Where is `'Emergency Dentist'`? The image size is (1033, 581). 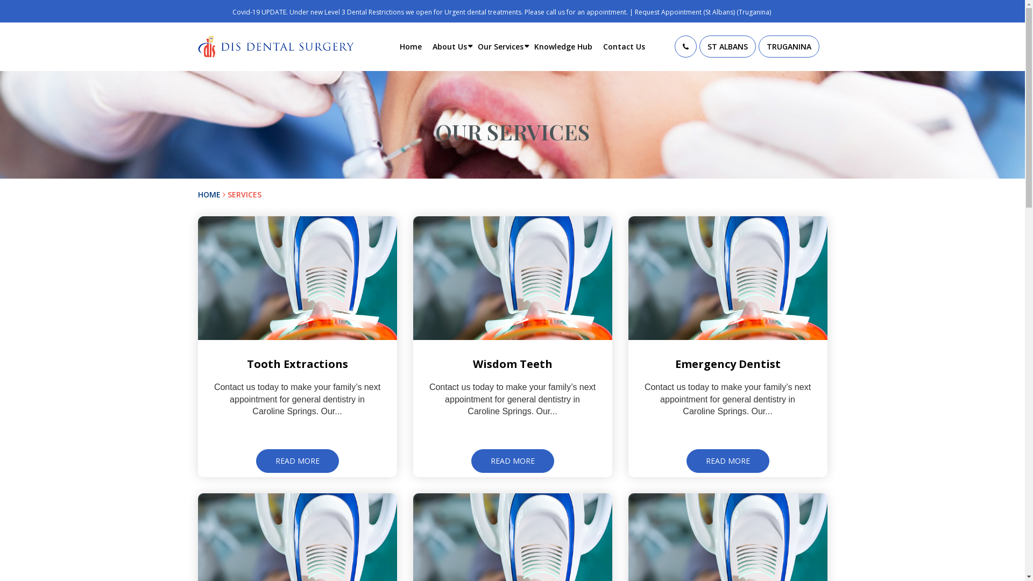
'Emergency Dentist' is located at coordinates (727, 363).